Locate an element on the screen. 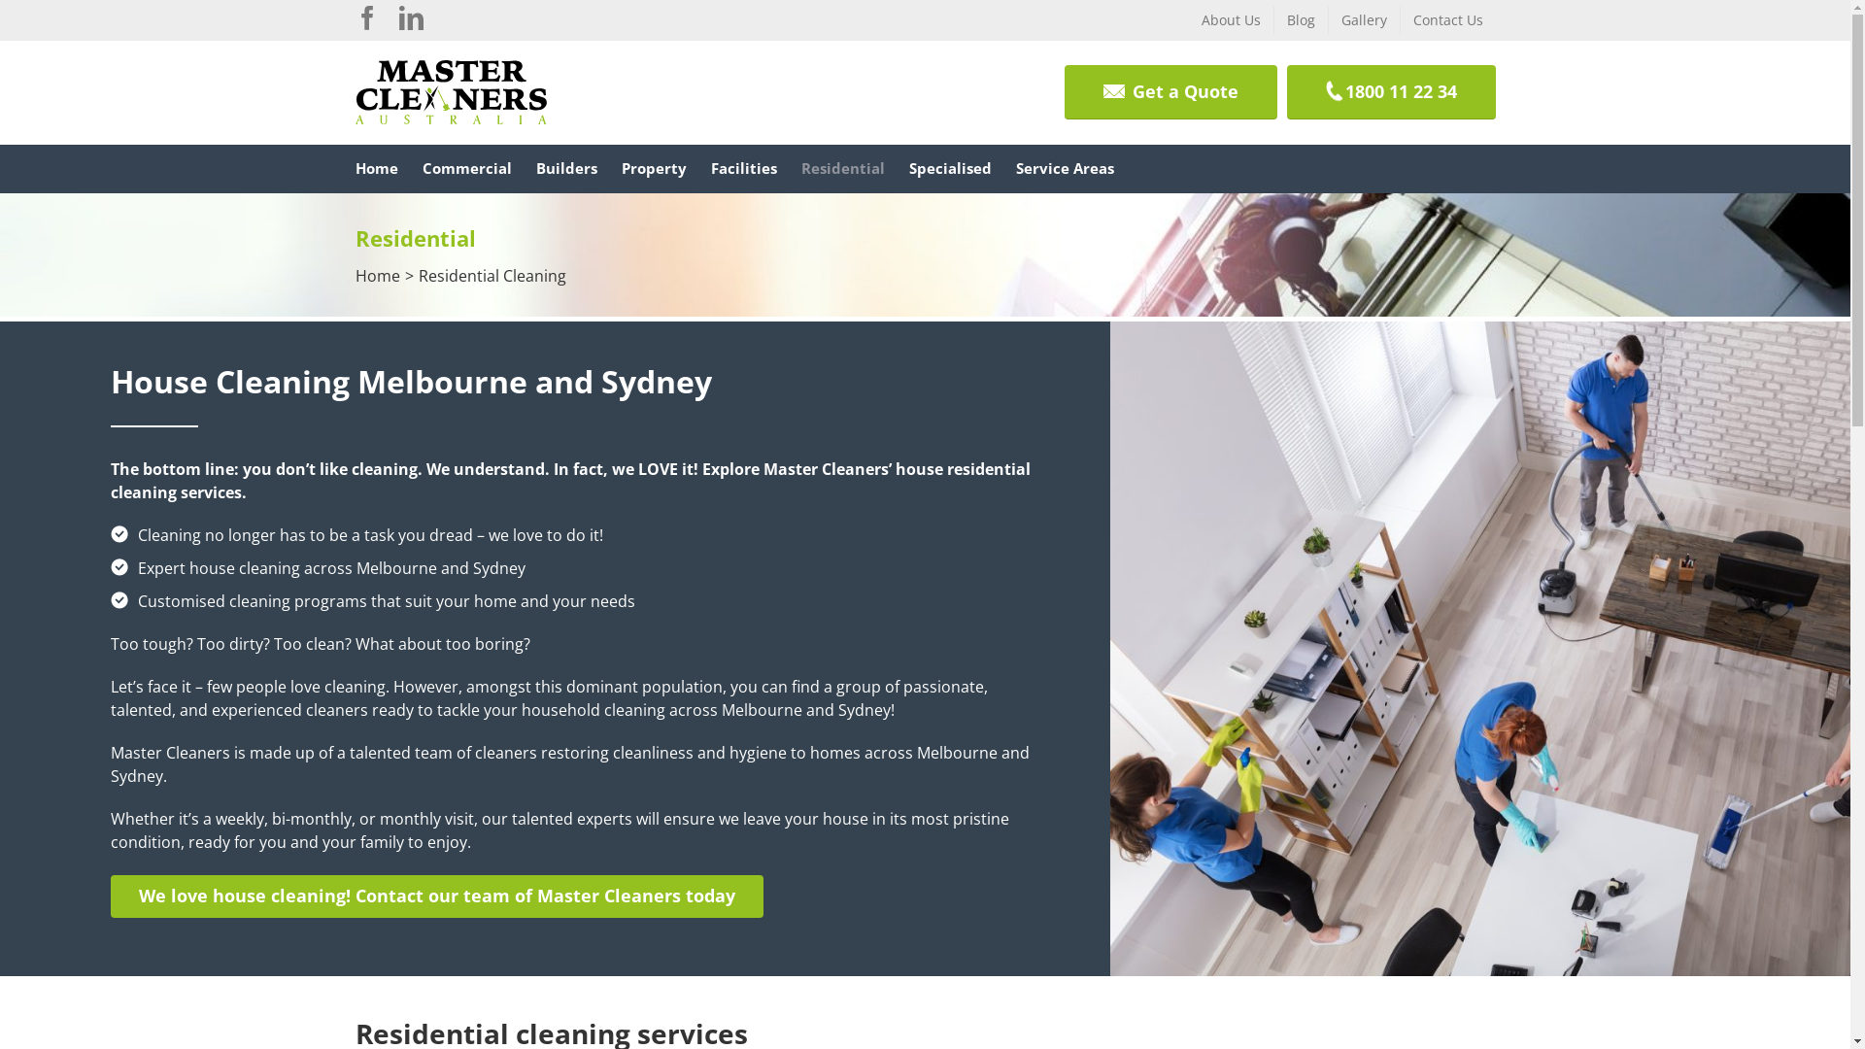 Image resolution: width=1865 pixels, height=1049 pixels. 'Blog' is located at coordinates (1301, 19).